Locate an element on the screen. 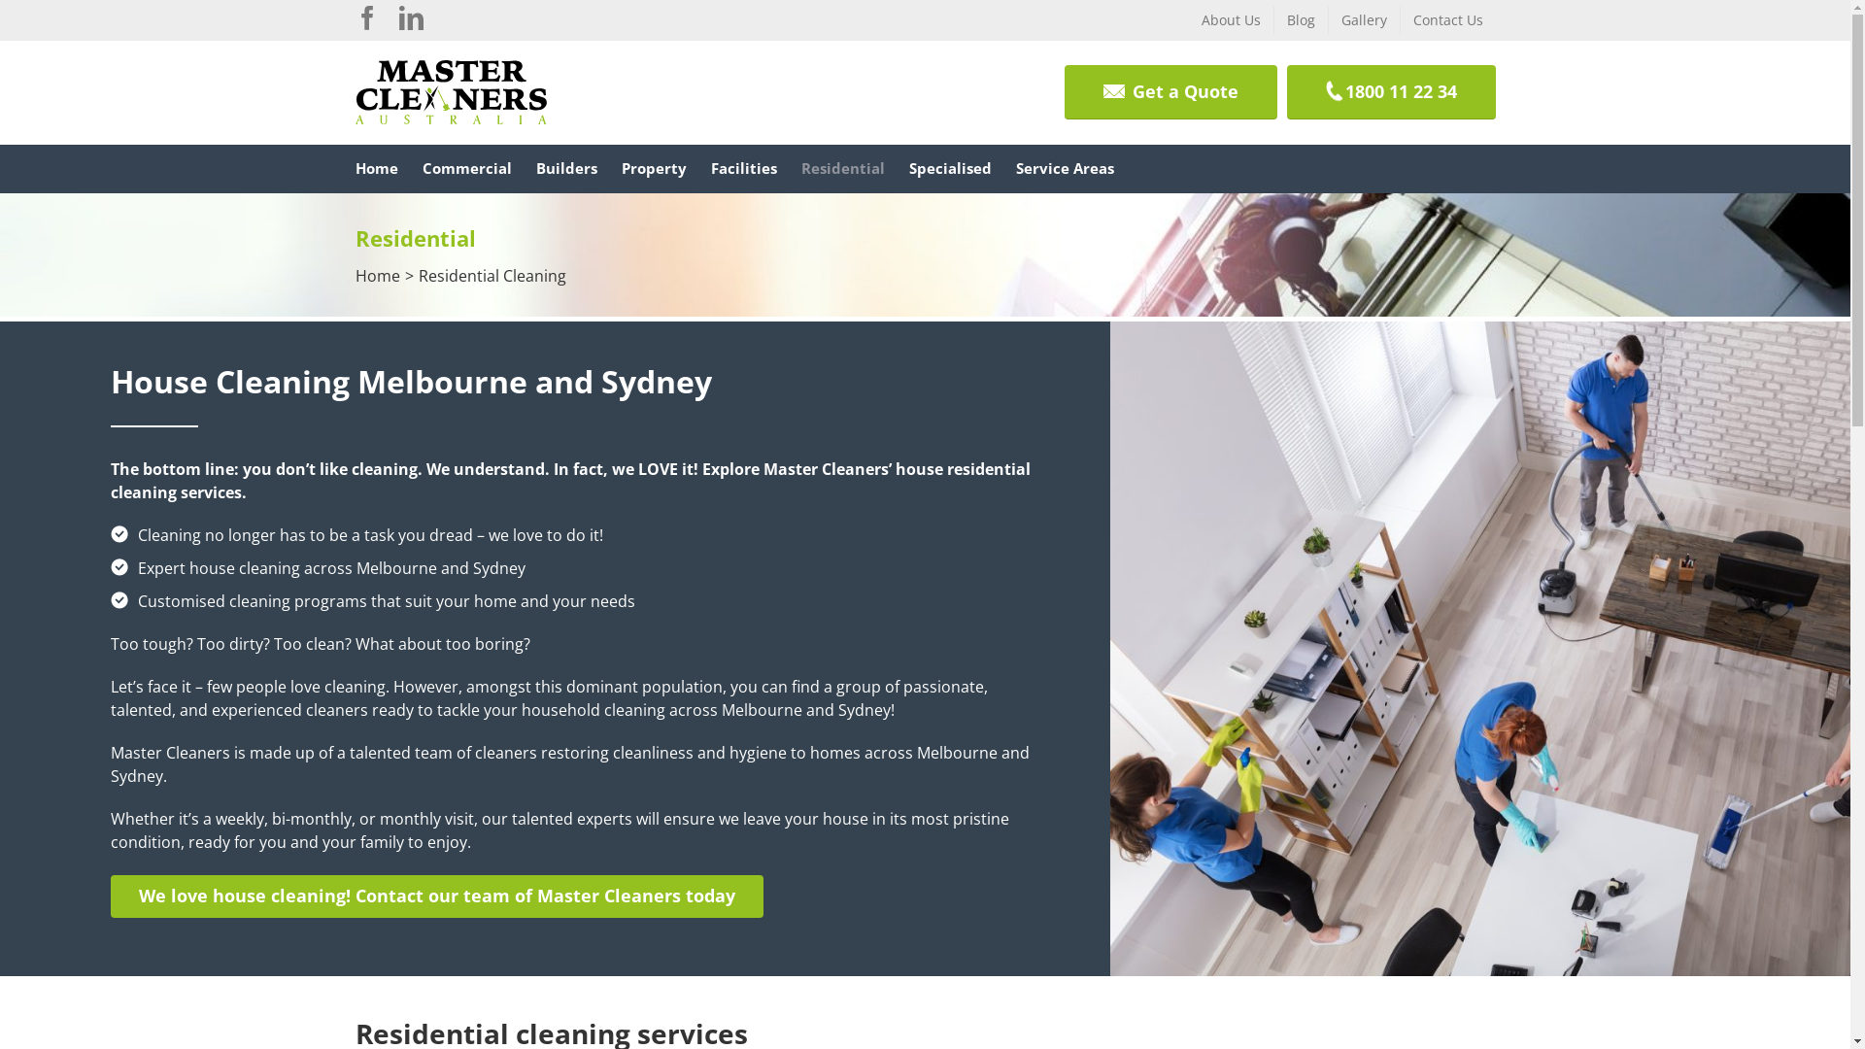 Image resolution: width=1865 pixels, height=1049 pixels. 'Blog' is located at coordinates (1301, 19).